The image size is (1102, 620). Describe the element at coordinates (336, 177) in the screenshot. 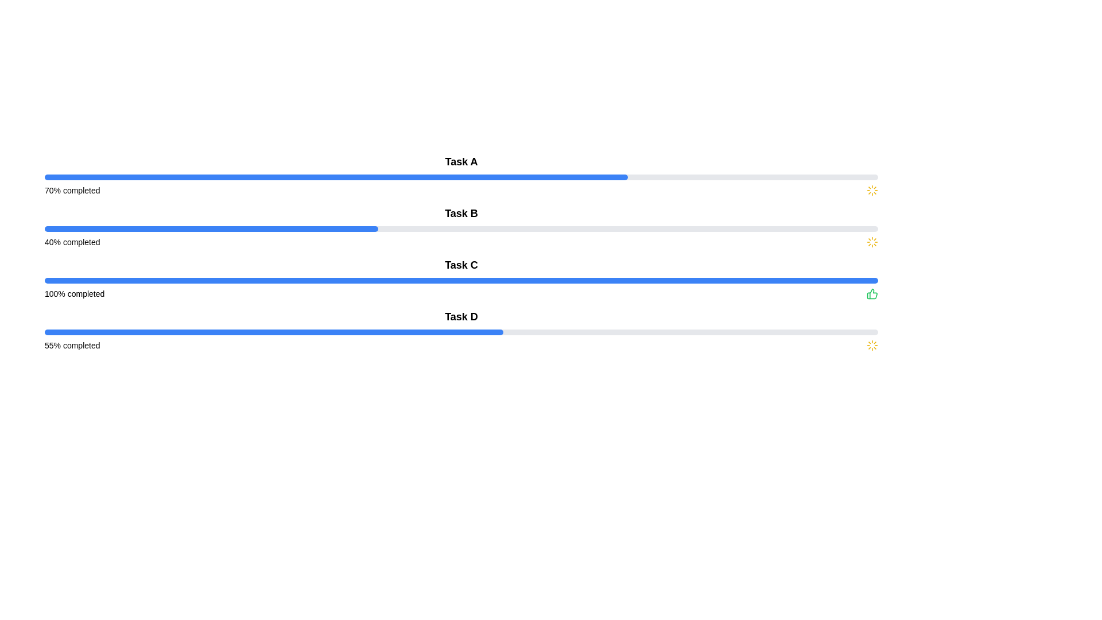

I see `the progress bar indicating 70% completion of 'Task A' located near the top of the interface` at that location.